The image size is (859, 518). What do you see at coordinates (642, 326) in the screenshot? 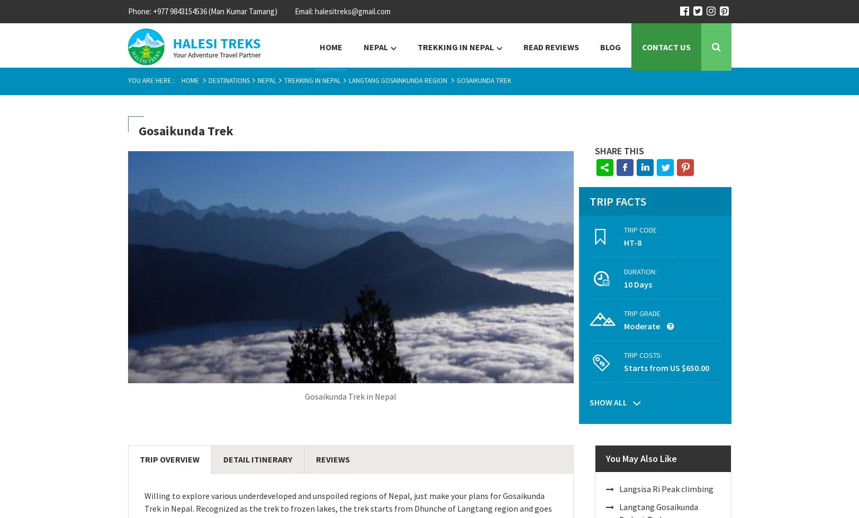
I see `'Moderate'` at bounding box center [642, 326].